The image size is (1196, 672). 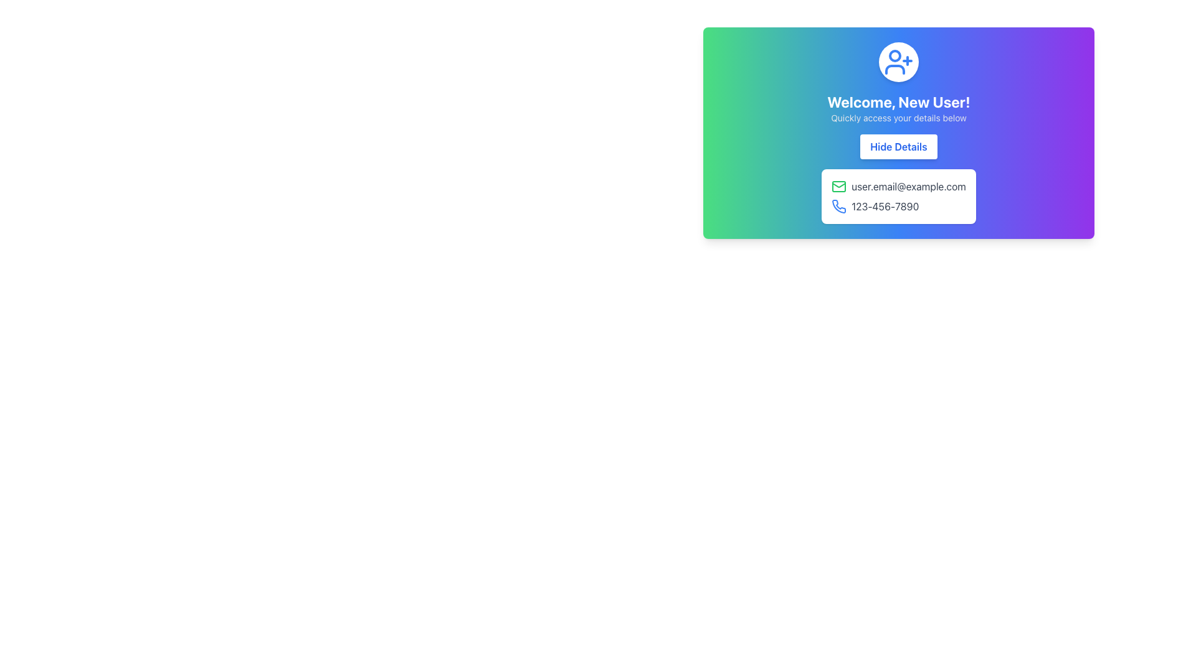 I want to click on the blue phone icon located to the immediate left of the text '123-456-7890', so click(x=839, y=205).